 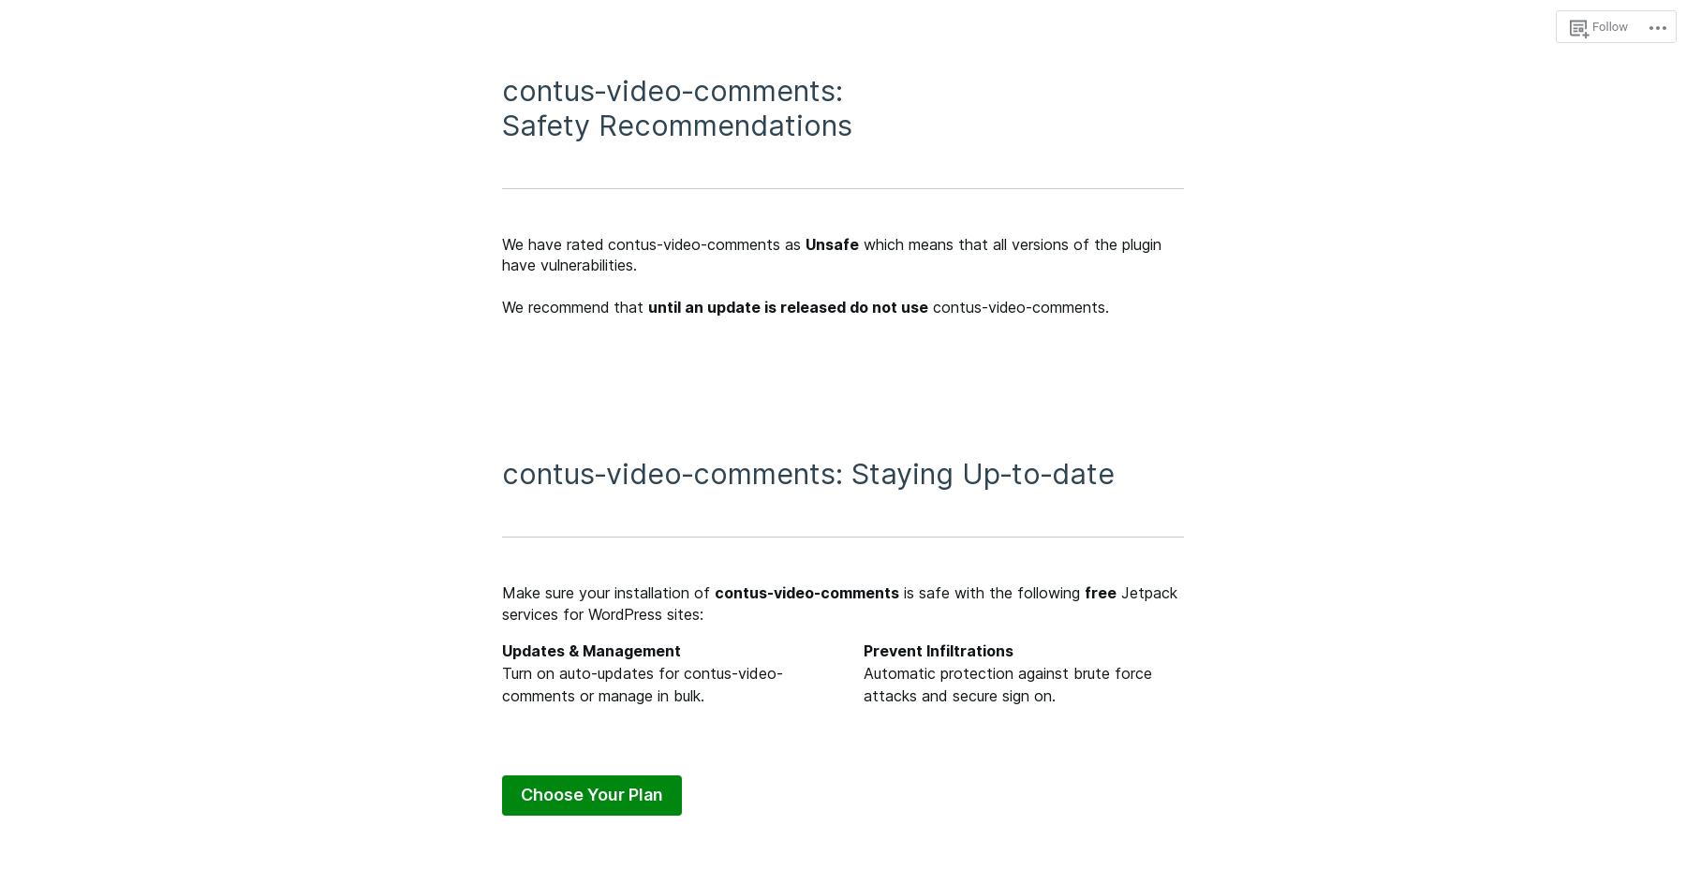 I want to click on 'which means
					that all versions of the plugin have vulnerabilities.', so click(x=831, y=254).